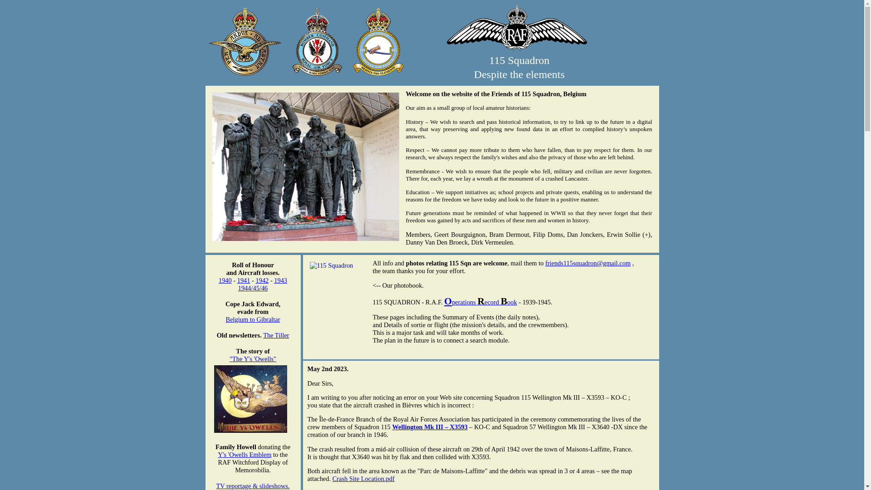 This screenshot has height=490, width=871. What do you see at coordinates (484, 302) in the screenshot?
I see `'perations Record Book'` at bounding box center [484, 302].